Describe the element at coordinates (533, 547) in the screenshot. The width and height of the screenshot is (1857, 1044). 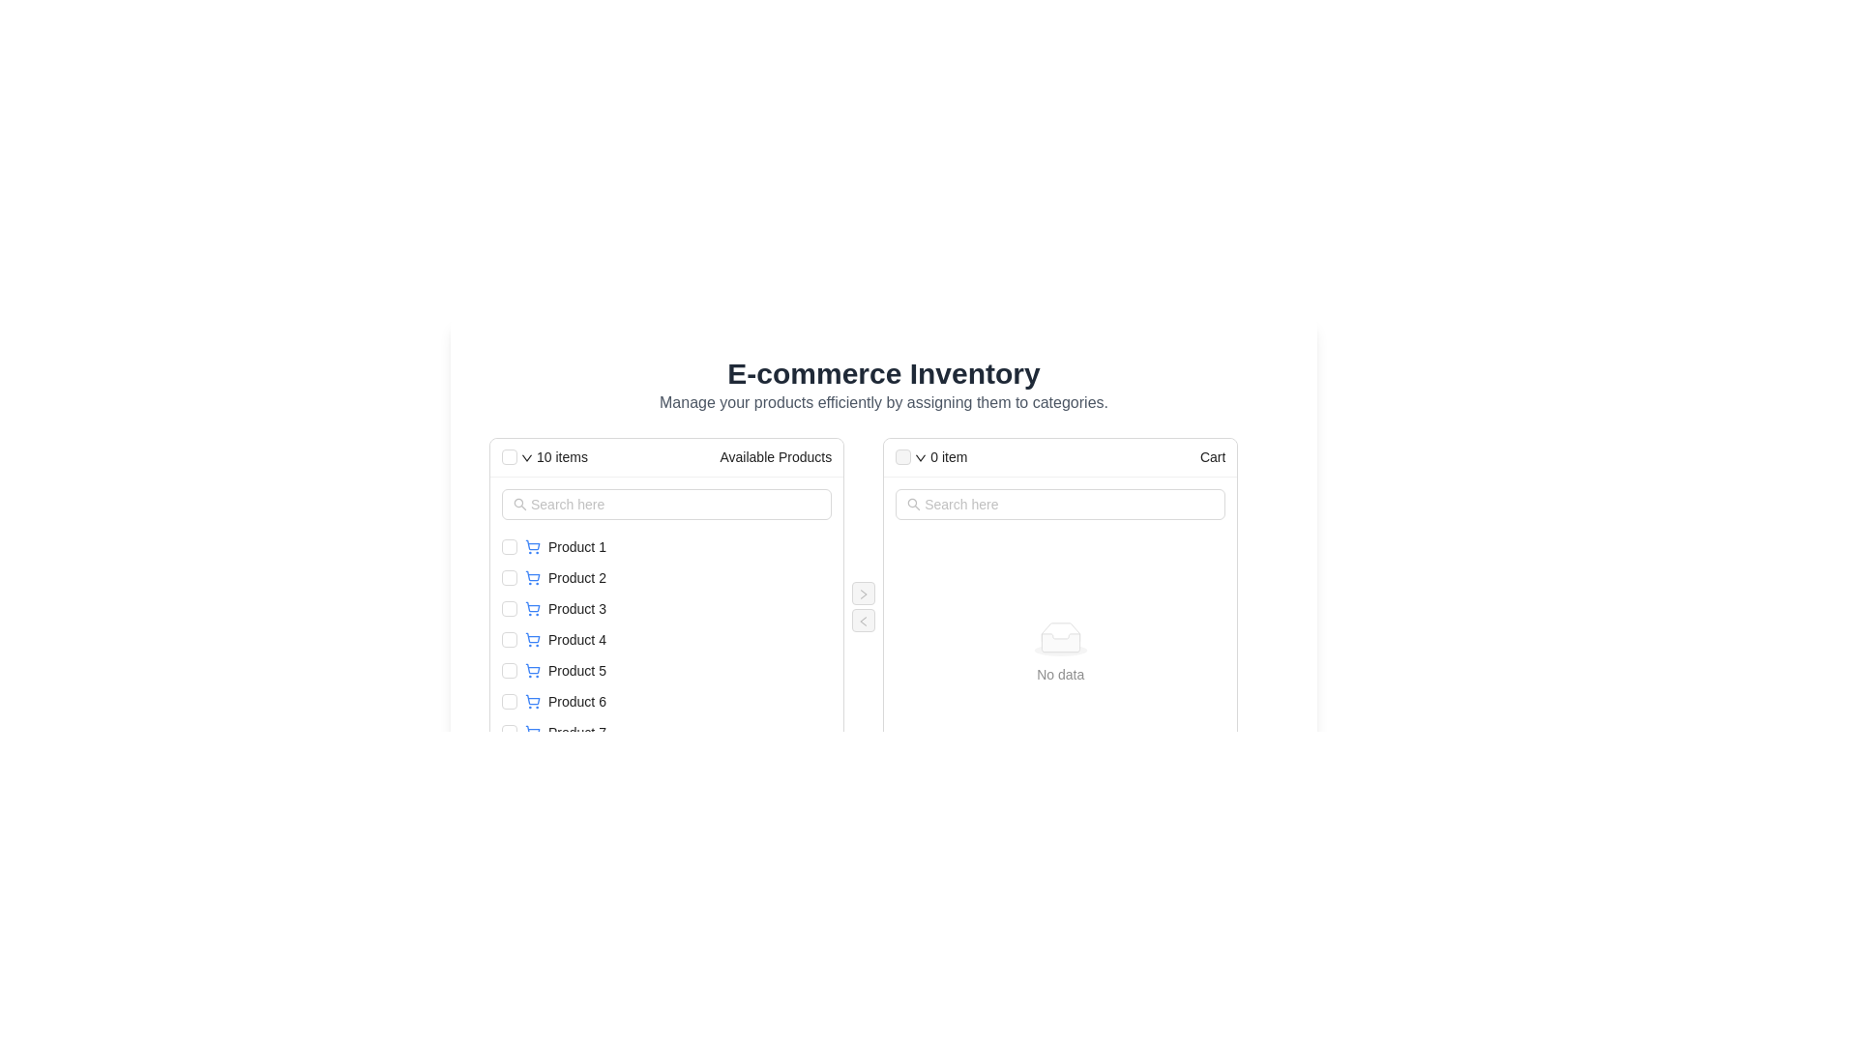
I see `the shopping cart icon located beside 'Product 1' in the first row of products` at that location.